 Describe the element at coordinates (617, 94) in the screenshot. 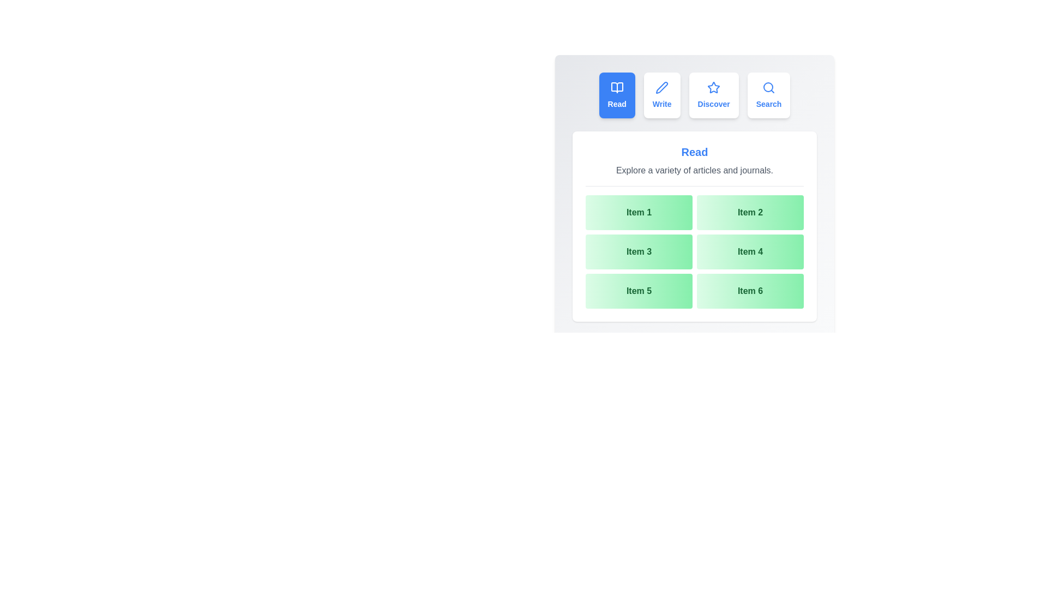

I see `the Read tab by clicking on it` at that location.